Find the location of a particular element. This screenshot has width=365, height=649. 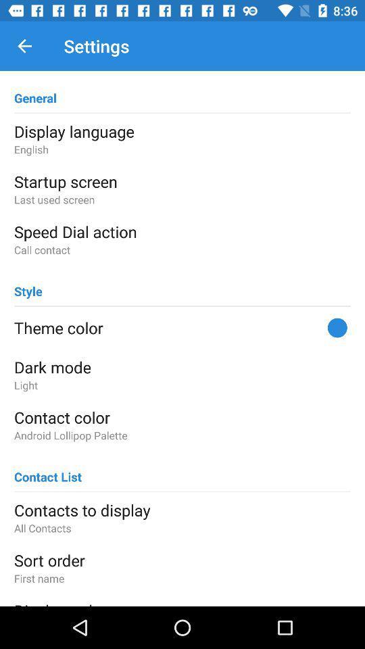

general is located at coordinates (35, 91).